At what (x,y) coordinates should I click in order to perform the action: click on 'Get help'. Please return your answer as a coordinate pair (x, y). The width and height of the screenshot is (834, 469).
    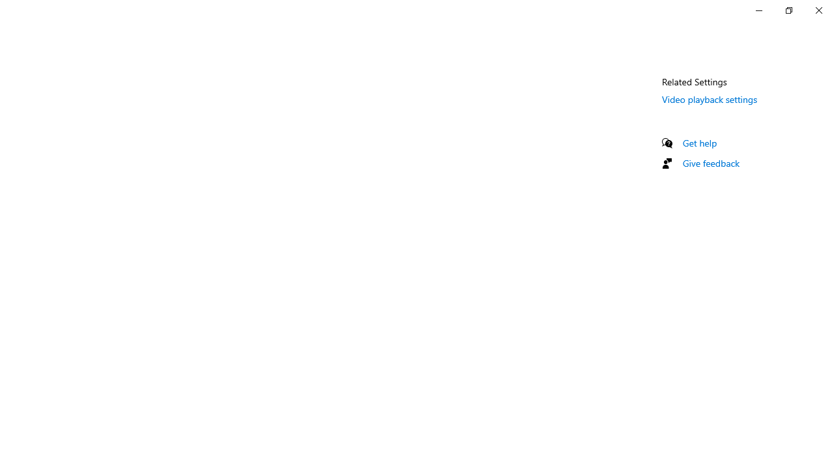
    Looking at the image, I should click on (699, 143).